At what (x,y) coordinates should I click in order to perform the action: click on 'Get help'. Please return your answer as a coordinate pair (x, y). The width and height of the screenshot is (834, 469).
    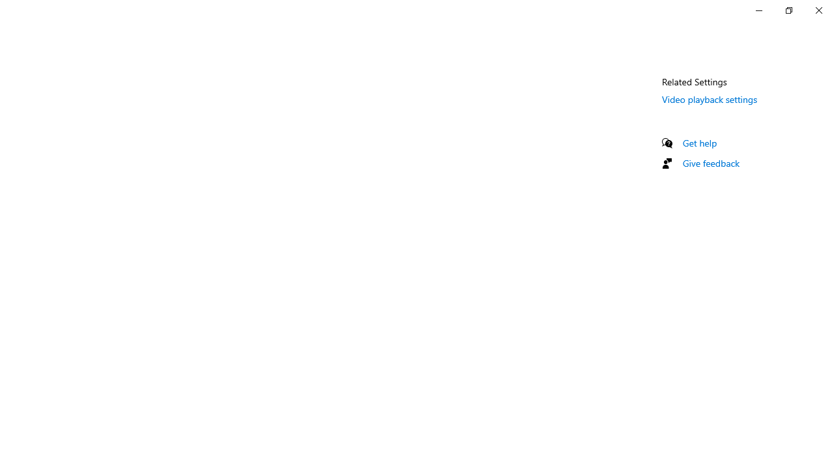
    Looking at the image, I should click on (699, 143).